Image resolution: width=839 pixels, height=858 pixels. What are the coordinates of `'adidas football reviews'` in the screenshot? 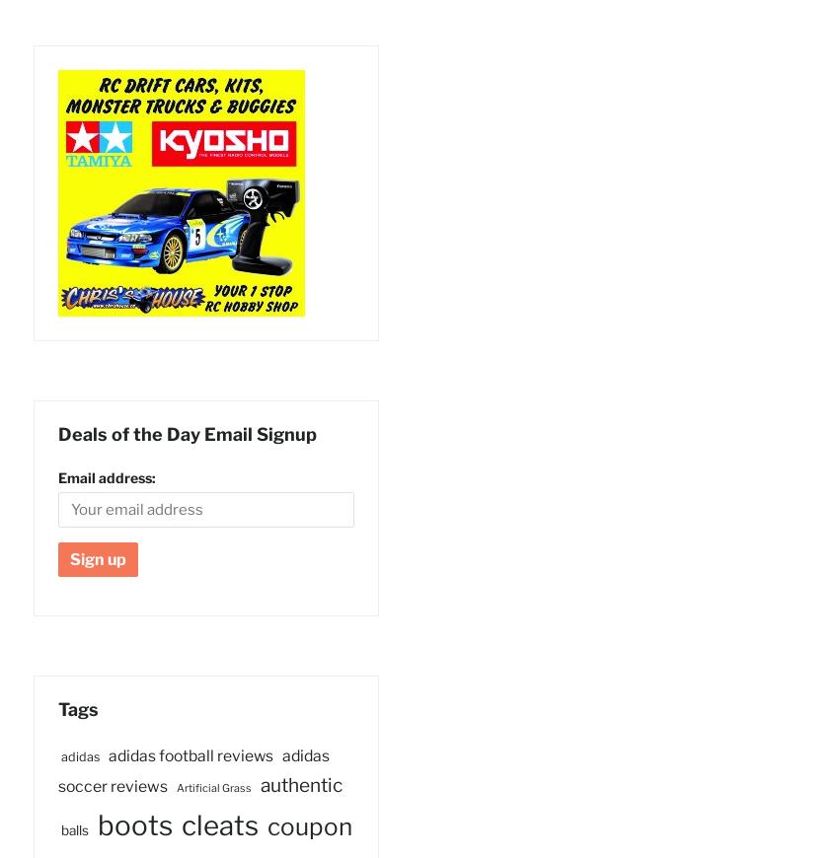 It's located at (107, 755).